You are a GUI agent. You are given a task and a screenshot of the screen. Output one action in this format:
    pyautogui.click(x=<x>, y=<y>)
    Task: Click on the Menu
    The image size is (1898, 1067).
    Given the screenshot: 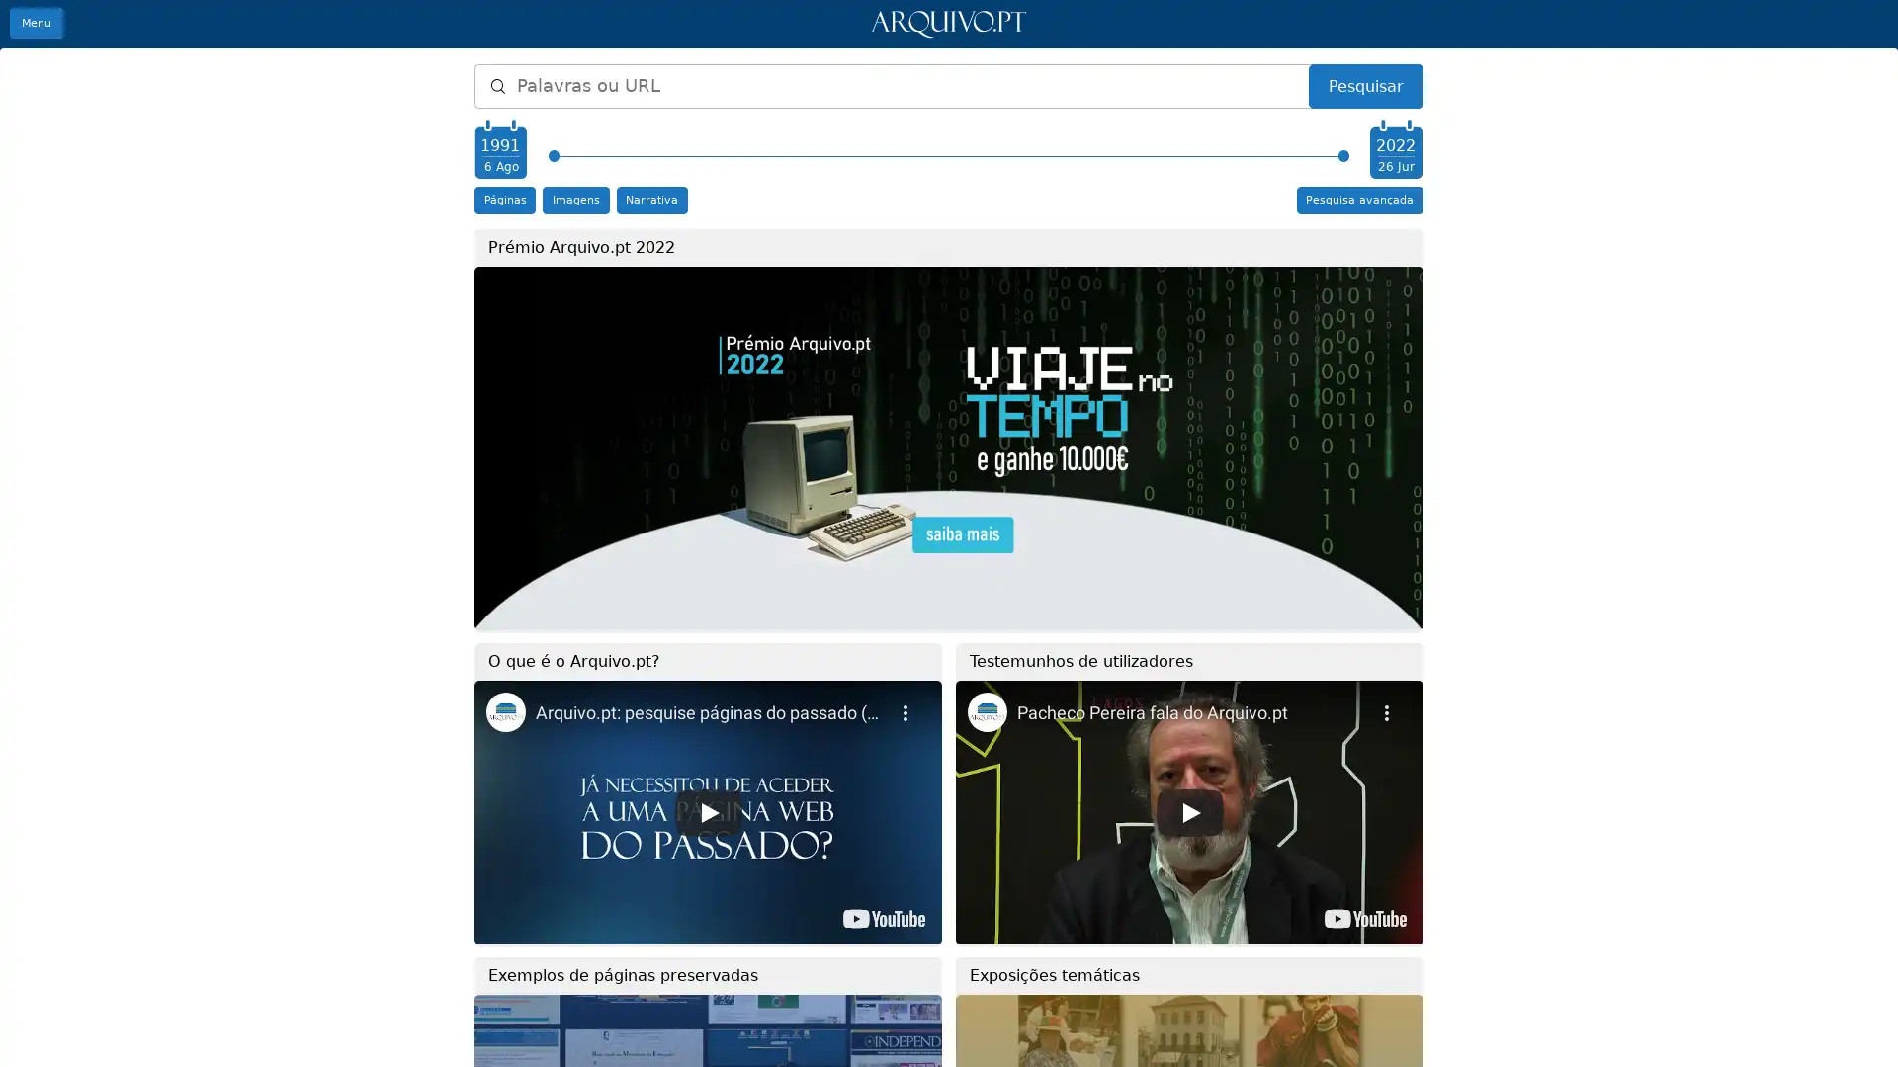 What is the action you would take?
    pyautogui.click(x=37, y=23)
    